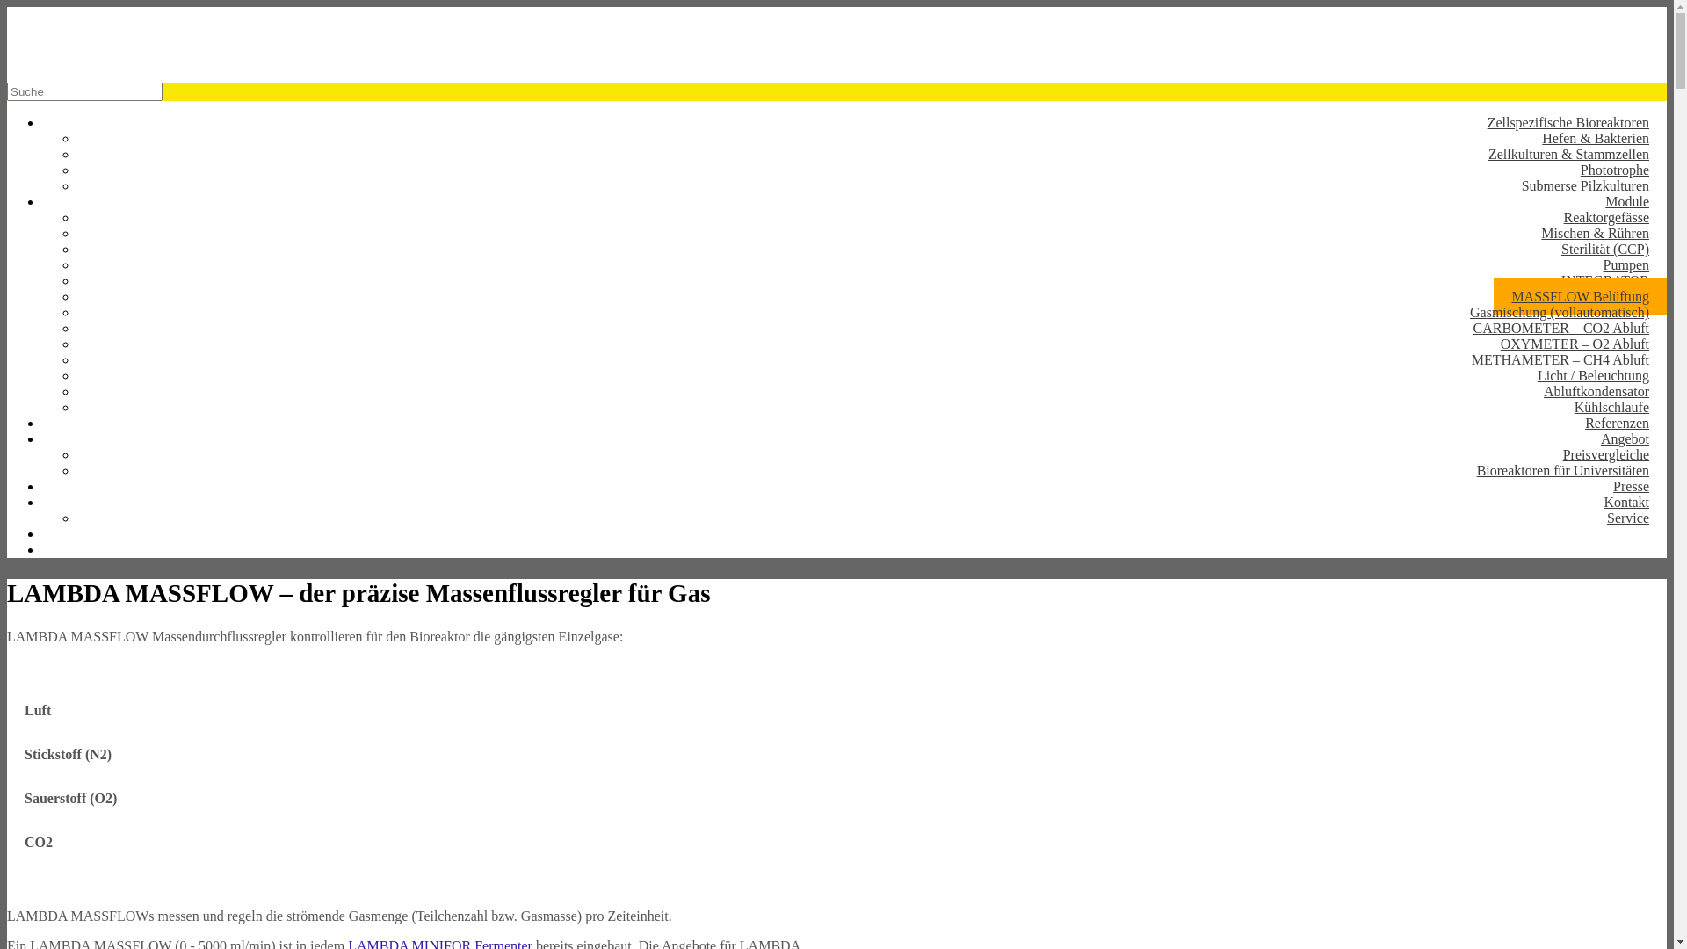  What do you see at coordinates (1470, 121) in the screenshot?
I see `'Zellspezifische Bioreaktoren'` at bounding box center [1470, 121].